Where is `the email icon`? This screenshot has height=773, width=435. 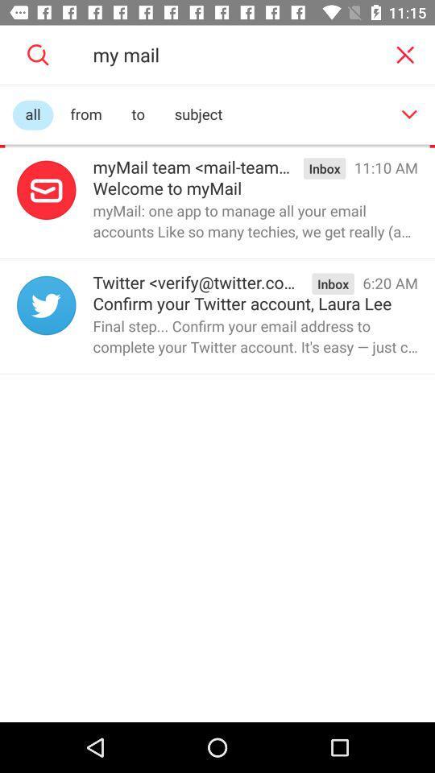 the email icon is located at coordinates (46, 190).